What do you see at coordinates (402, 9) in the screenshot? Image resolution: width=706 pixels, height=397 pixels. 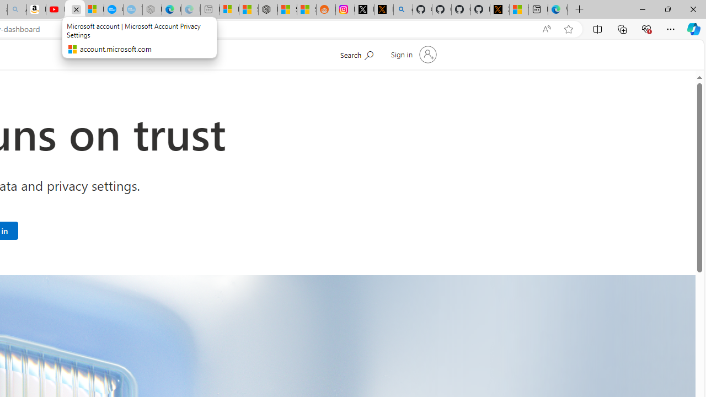 I see `'github - Search'` at bounding box center [402, 9].